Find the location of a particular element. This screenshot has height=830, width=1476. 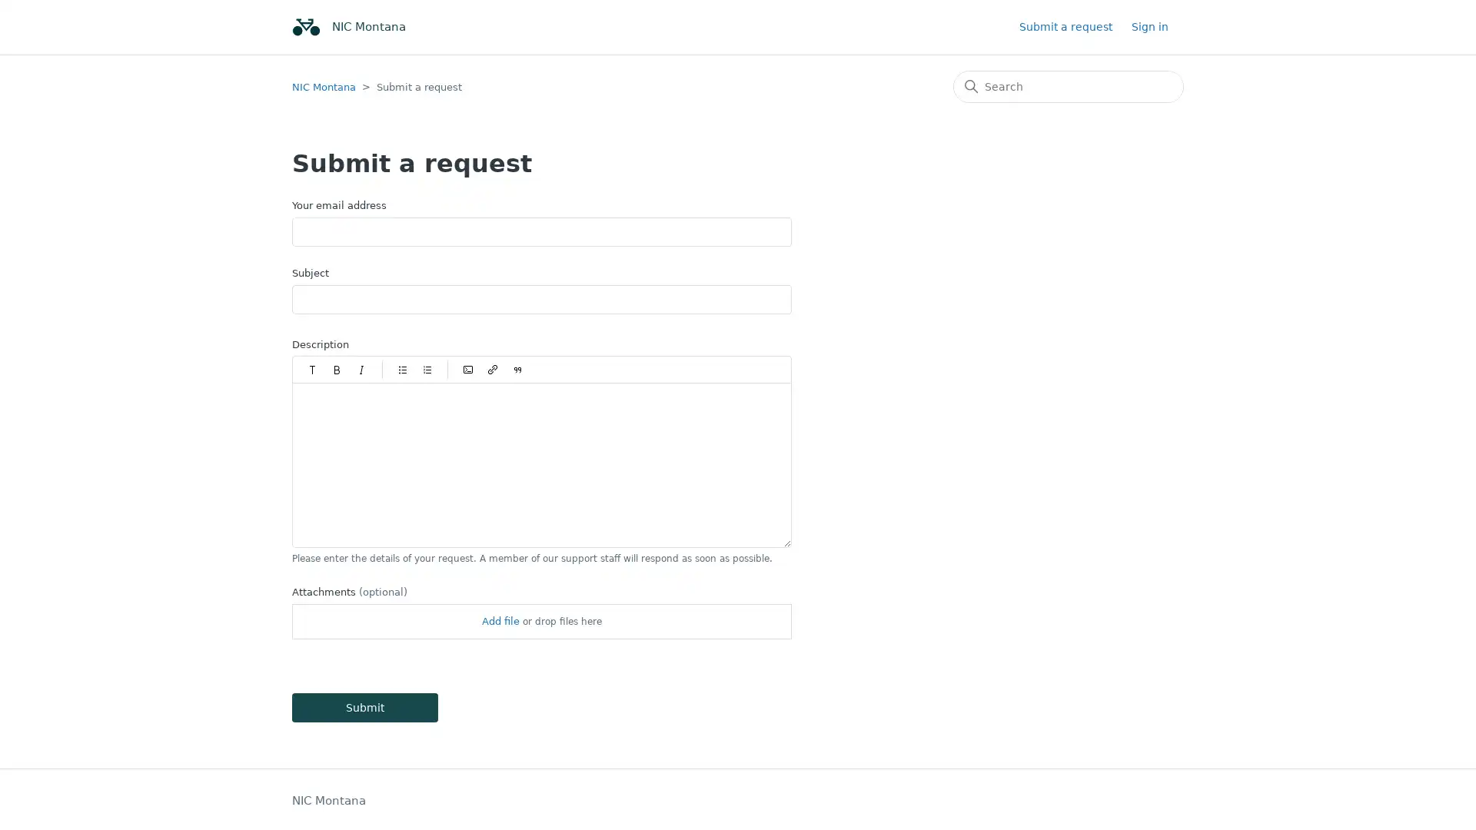

Paragraph styles is located at coordinates (312, 370).